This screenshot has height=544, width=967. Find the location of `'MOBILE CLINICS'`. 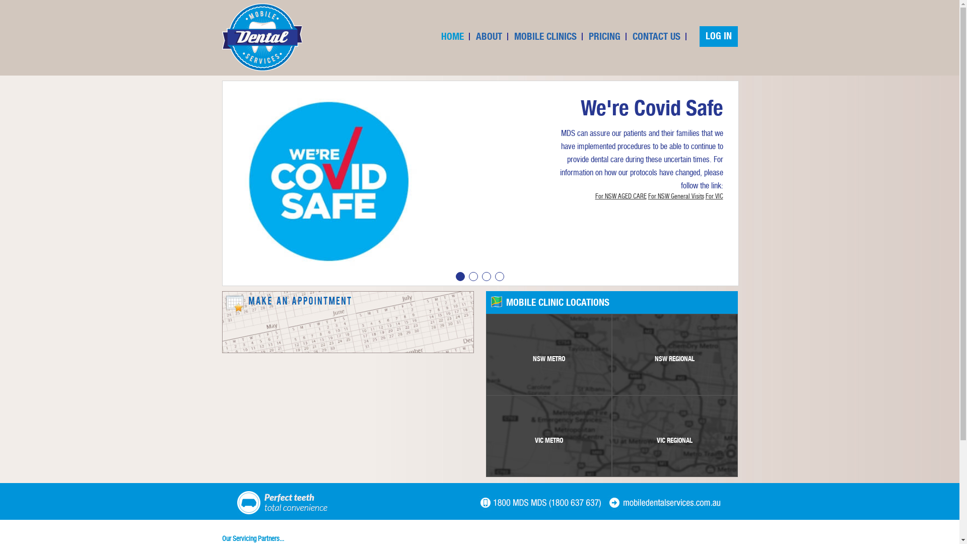

'MOBILE CLINICS' is located at coordinates (545, 36).